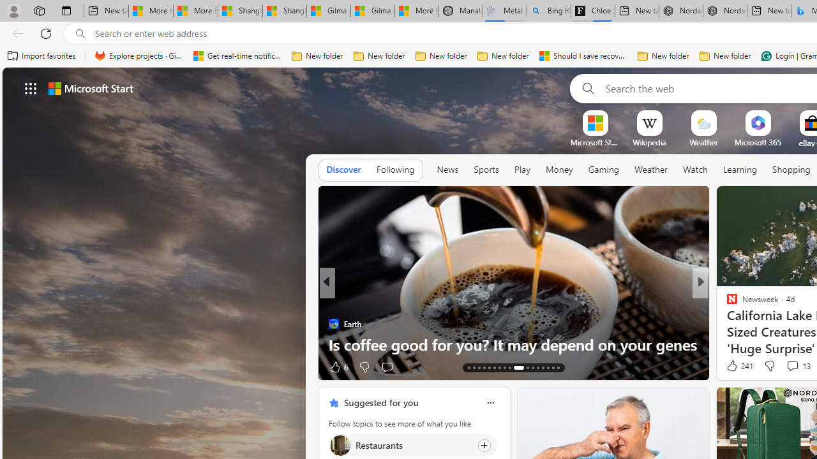 The image size is (817, 459). Describe the element at coordinates (478, 368) in the screenshot. I see `'AutomationID: tab-15'` at that location.